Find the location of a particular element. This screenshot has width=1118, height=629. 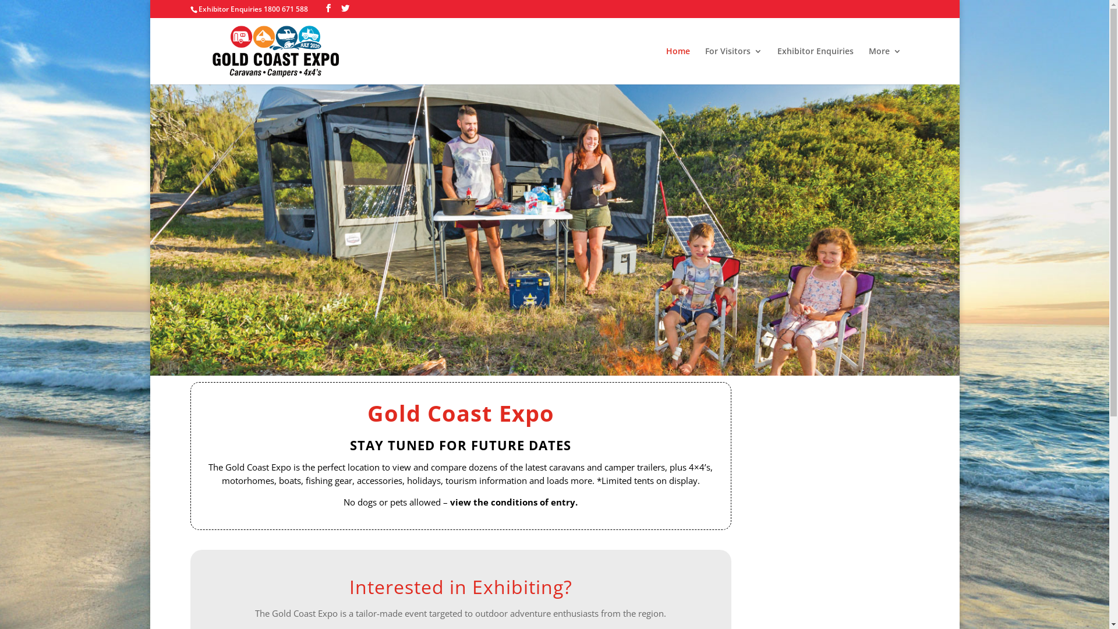

'Exhibitor Enquiries' is located at coordinates (815, 65).